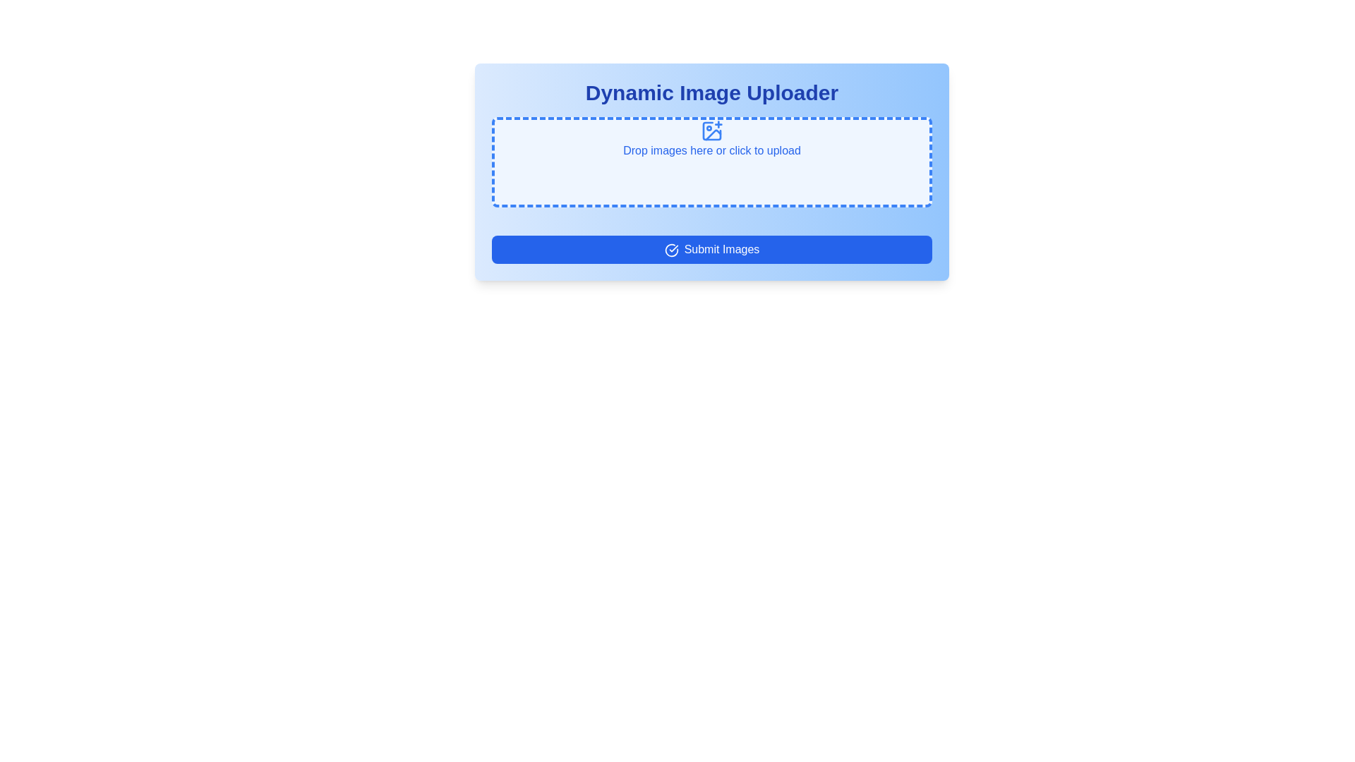  Describe the element at coordinates (711, 150) in the screenshot. I see `the text label that reads 'Drop images here or click to upload' to initiate a file upload` at that location.